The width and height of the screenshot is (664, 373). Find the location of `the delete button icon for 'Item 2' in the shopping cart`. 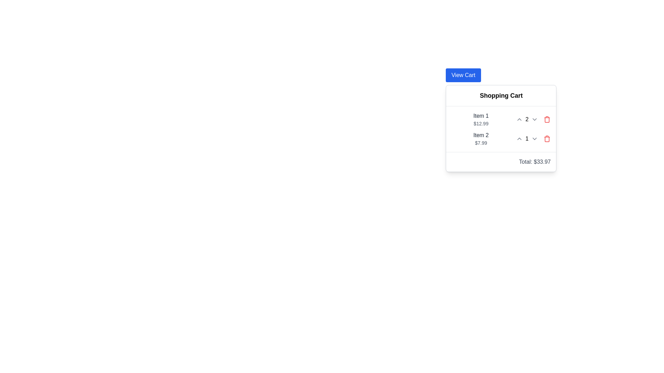

the delete button icon for 'Item 2' in the shopping cart is located at coordinates (547, 138).